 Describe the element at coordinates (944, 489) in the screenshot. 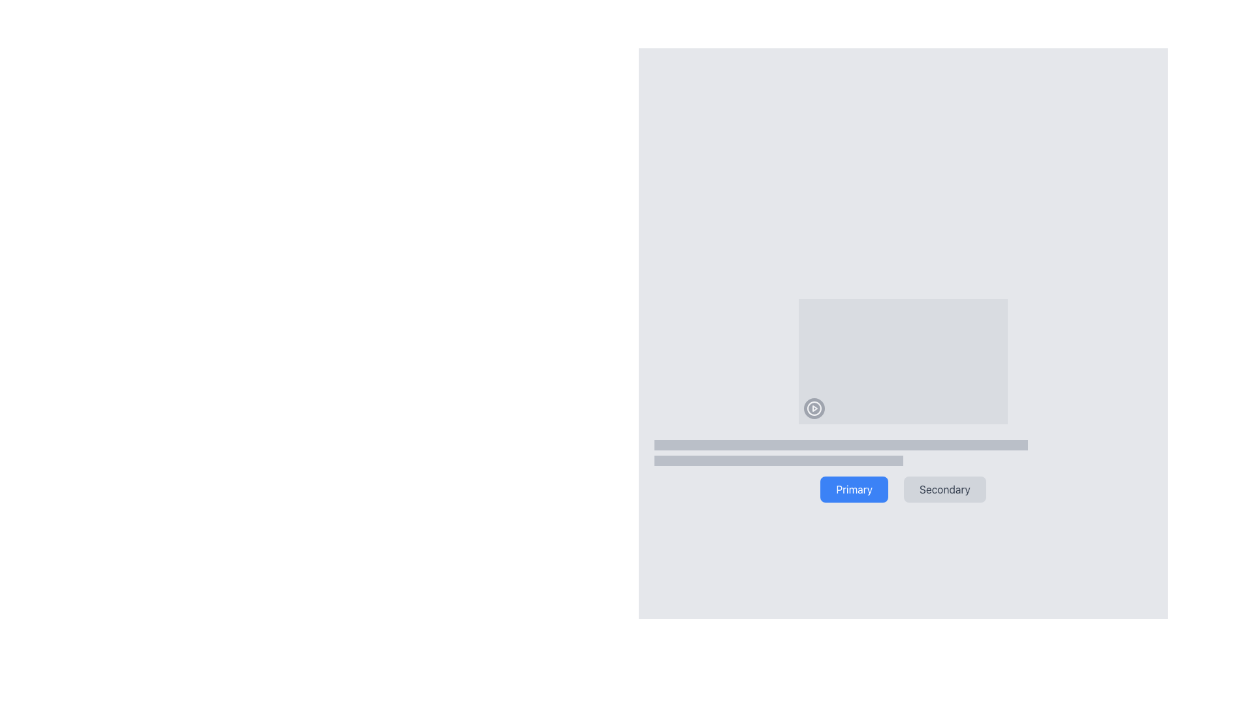

I see `the 'Secondary' button with a gray background and rounded corners located to the right of the 'Primary' button` at that location.